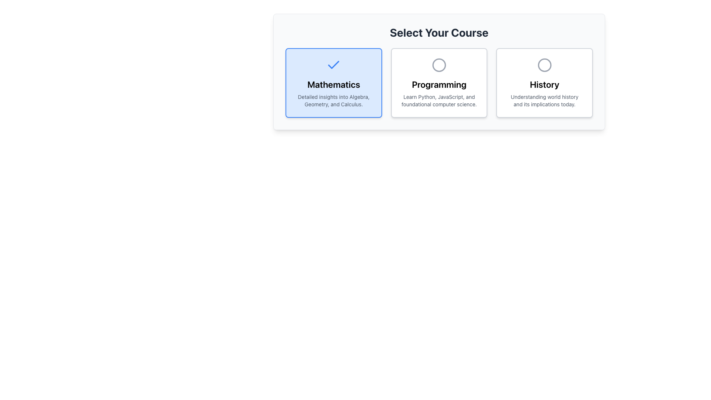 This screenshot has height=400, width=711. I want to click on the checkmark icon with a blue stroke located at the top-center of the 'Mathematics' card, so click(333, 64).